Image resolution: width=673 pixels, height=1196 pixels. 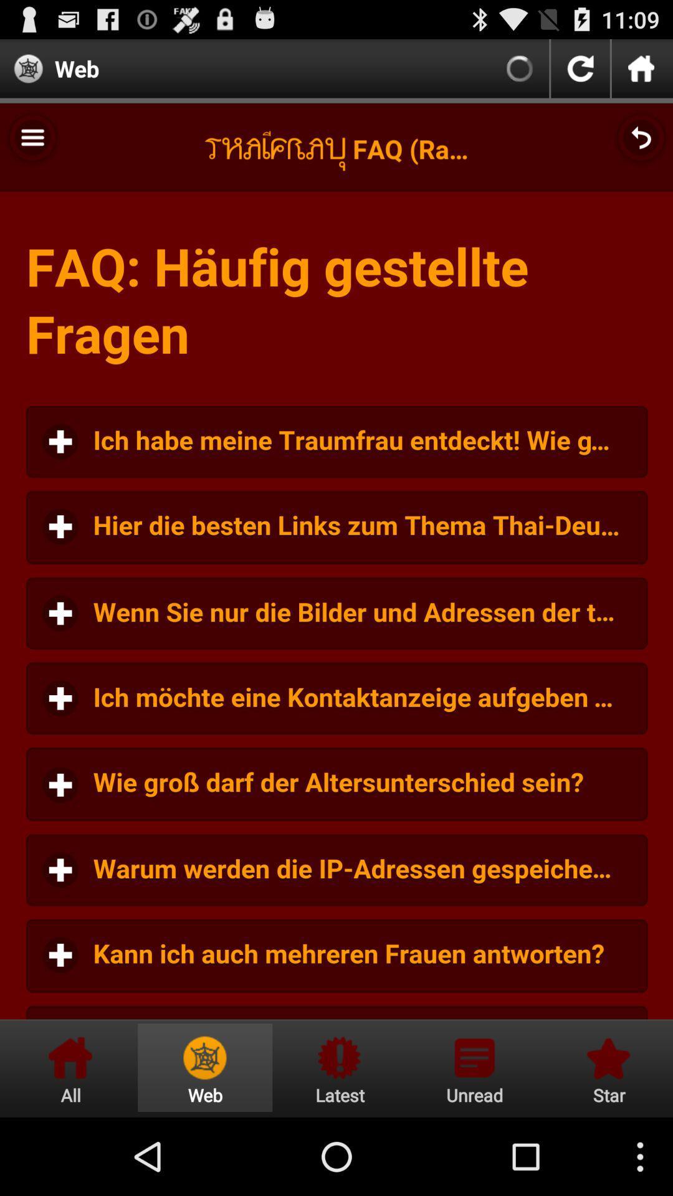 I want to click on unread items, so click(x=474, y=1067).